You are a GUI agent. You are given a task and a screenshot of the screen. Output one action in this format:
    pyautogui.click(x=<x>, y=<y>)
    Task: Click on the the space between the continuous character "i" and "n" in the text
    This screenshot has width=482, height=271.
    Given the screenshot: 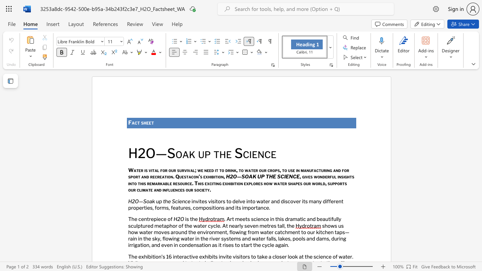 What is the action you would take?
    pyautogui.click(x=163, y=189)
    